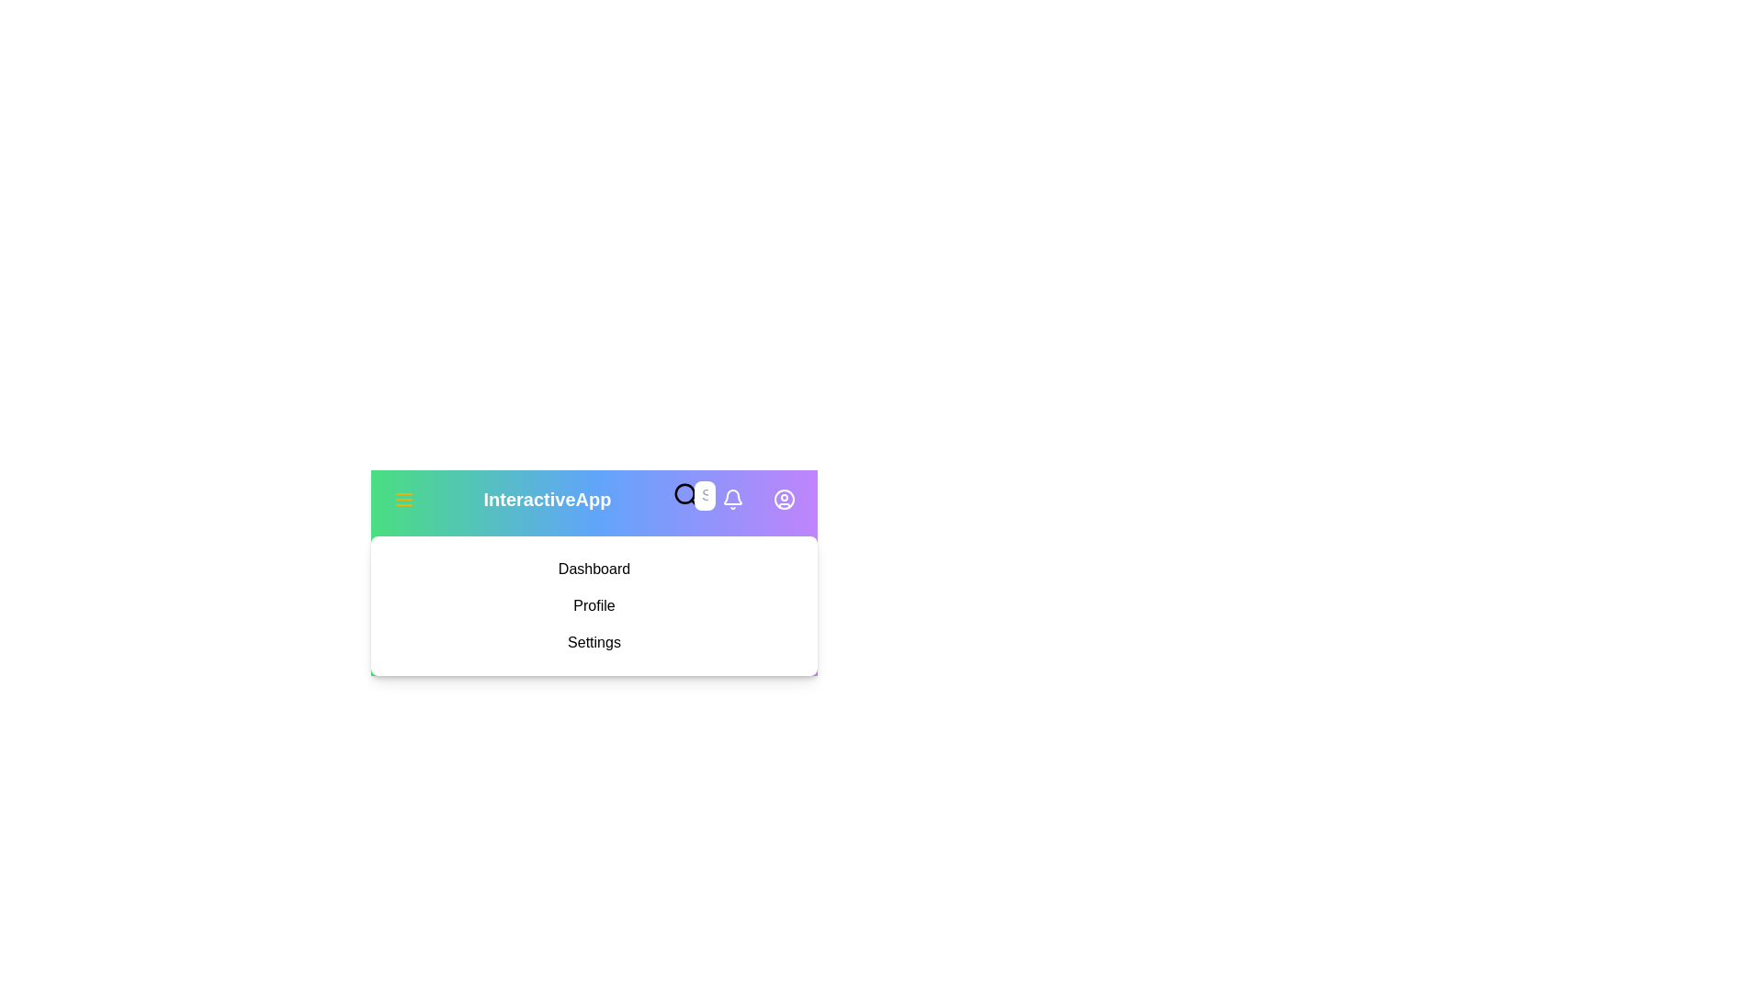 This screenshot has width=1764, height=992. Describe the element at coordinates (785, 499) in the screenshot. I see `the user profile icon` at that location.